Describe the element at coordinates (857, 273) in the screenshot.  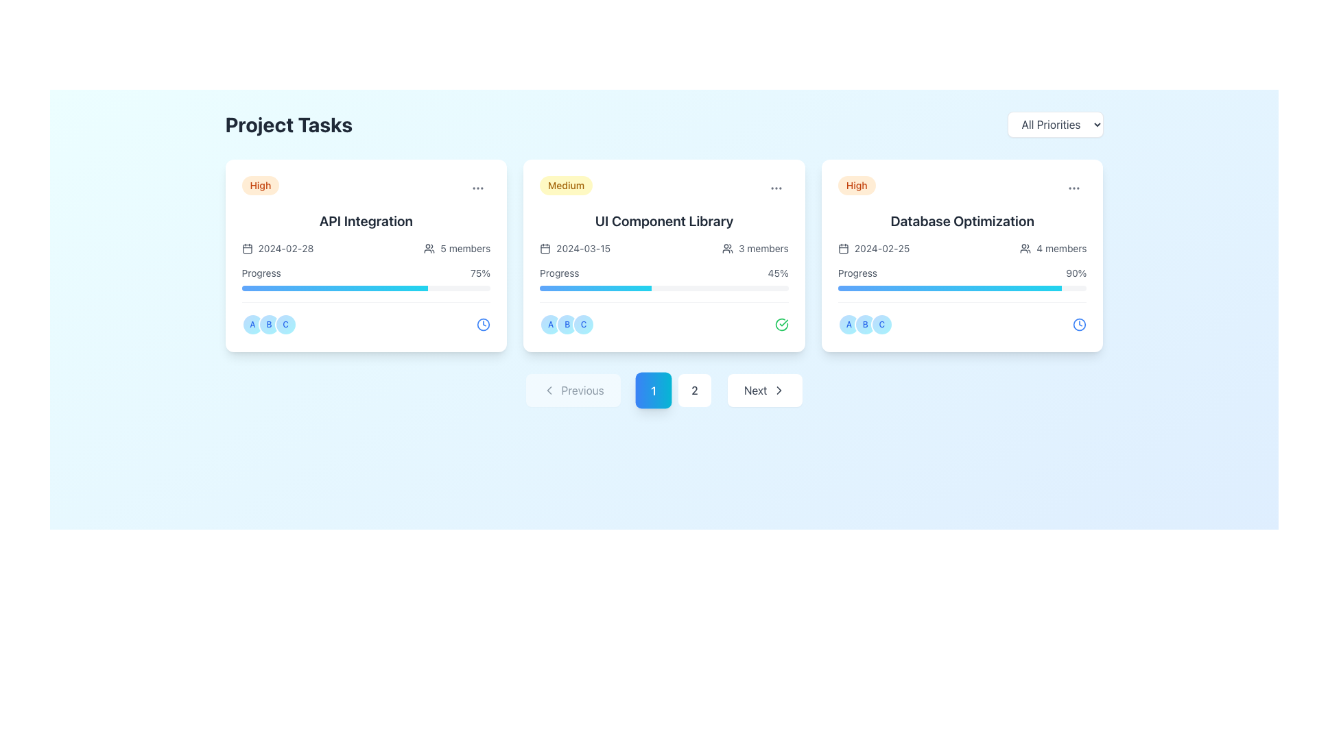
I see `the 'Progress' text label, which is styled in a standard sans-serif font, medium size, and dark gray color, located in the 'Database Optimization' card just above the progress bar` at that location.